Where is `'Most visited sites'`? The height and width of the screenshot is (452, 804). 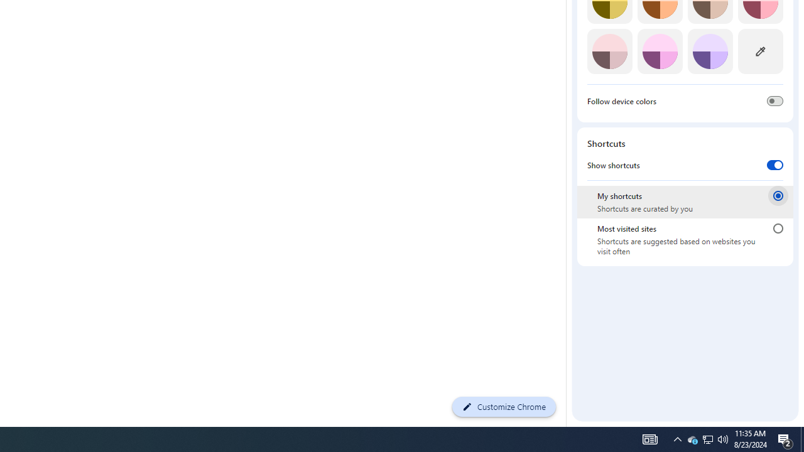 'Most visited sites' is located at coordinates (778, 228).